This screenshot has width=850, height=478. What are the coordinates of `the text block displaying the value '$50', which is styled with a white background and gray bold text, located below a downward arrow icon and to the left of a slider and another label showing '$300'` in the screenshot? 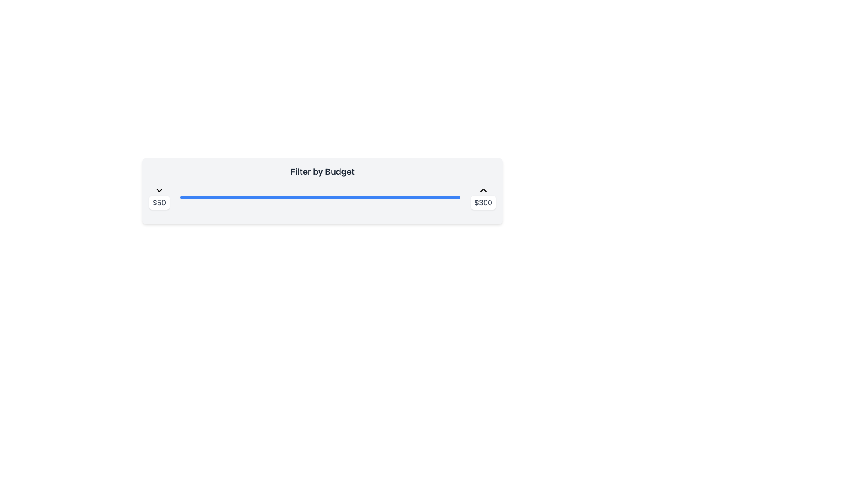 It's located at (159, 203).